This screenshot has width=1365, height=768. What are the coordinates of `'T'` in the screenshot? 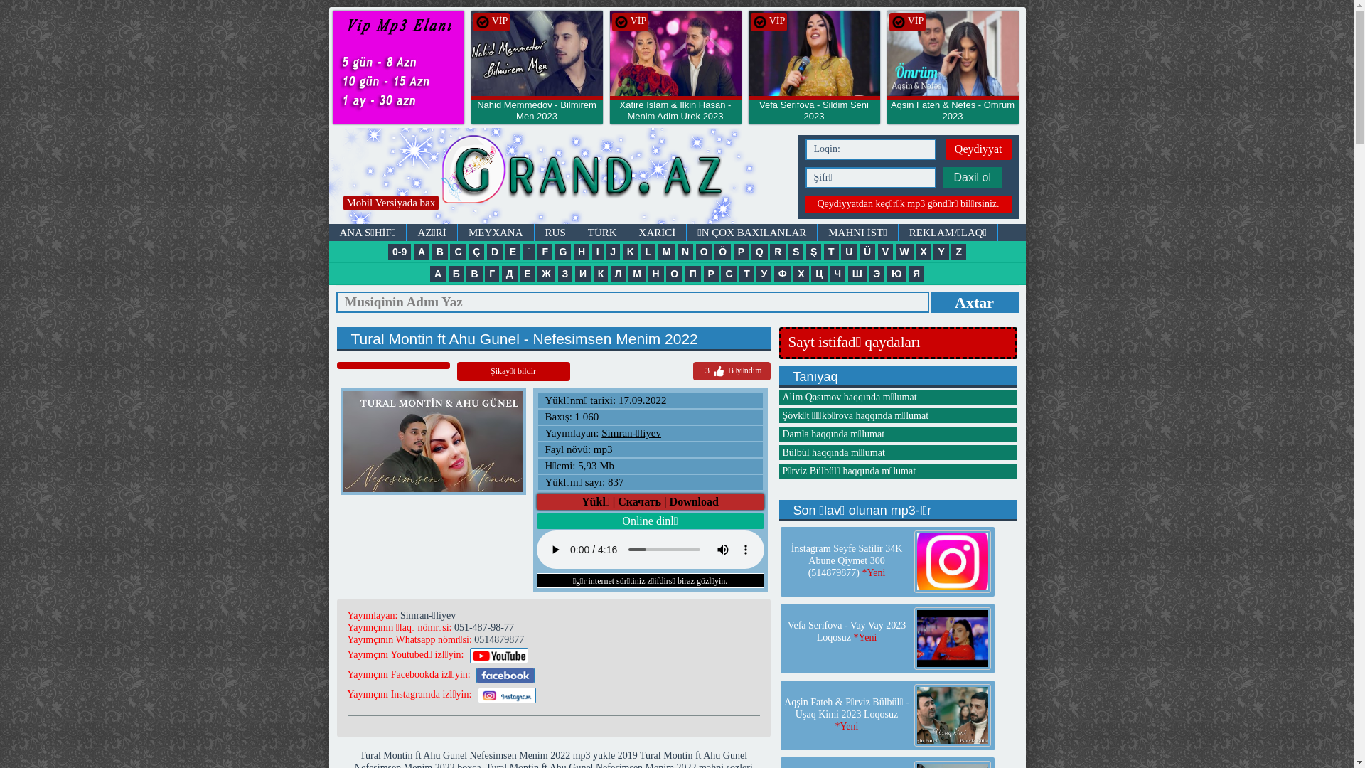 It's located at (823, 251).